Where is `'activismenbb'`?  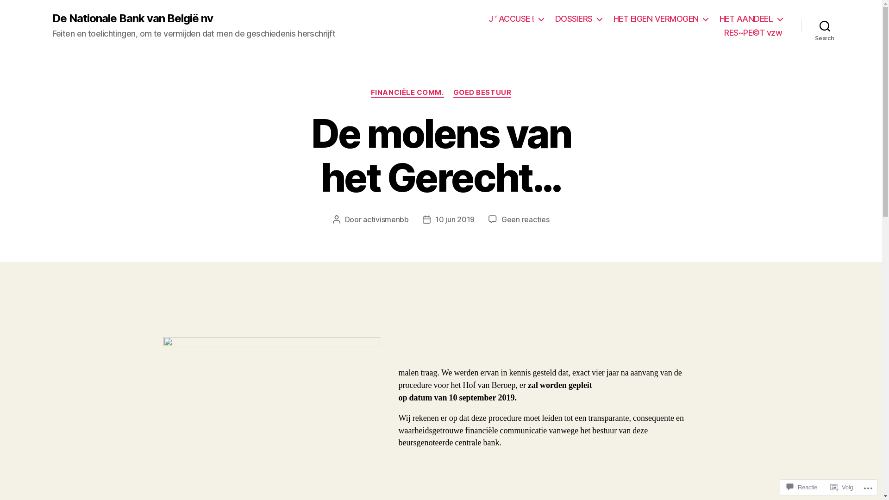 'activismenbb' is located at coordinates (386, 219).